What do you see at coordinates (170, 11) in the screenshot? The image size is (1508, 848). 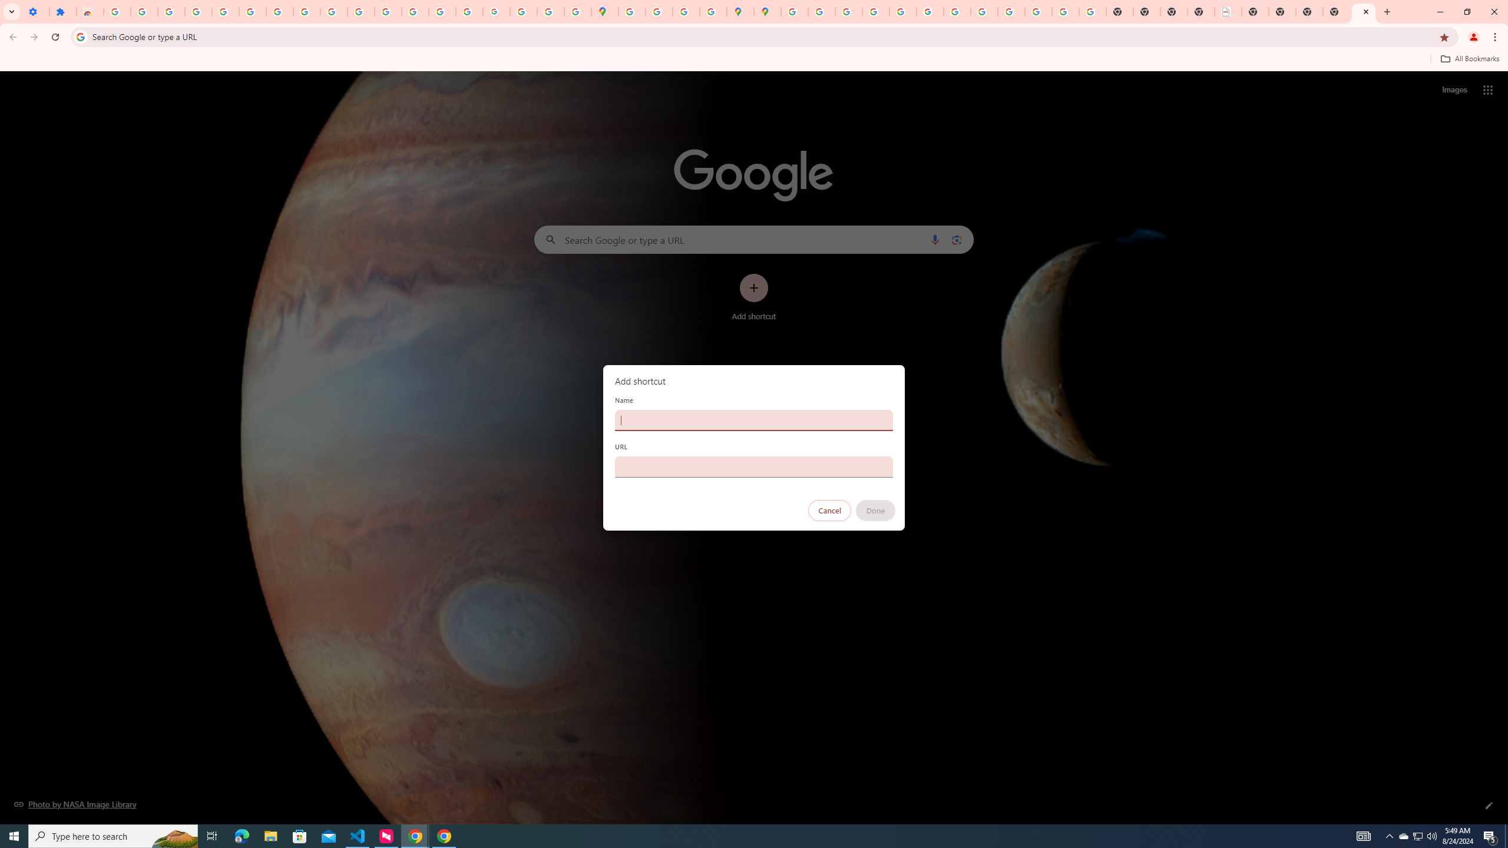 I see `'Delete photos & videos - Computer - Google Photos Help'` at bounding box center [170, 11].